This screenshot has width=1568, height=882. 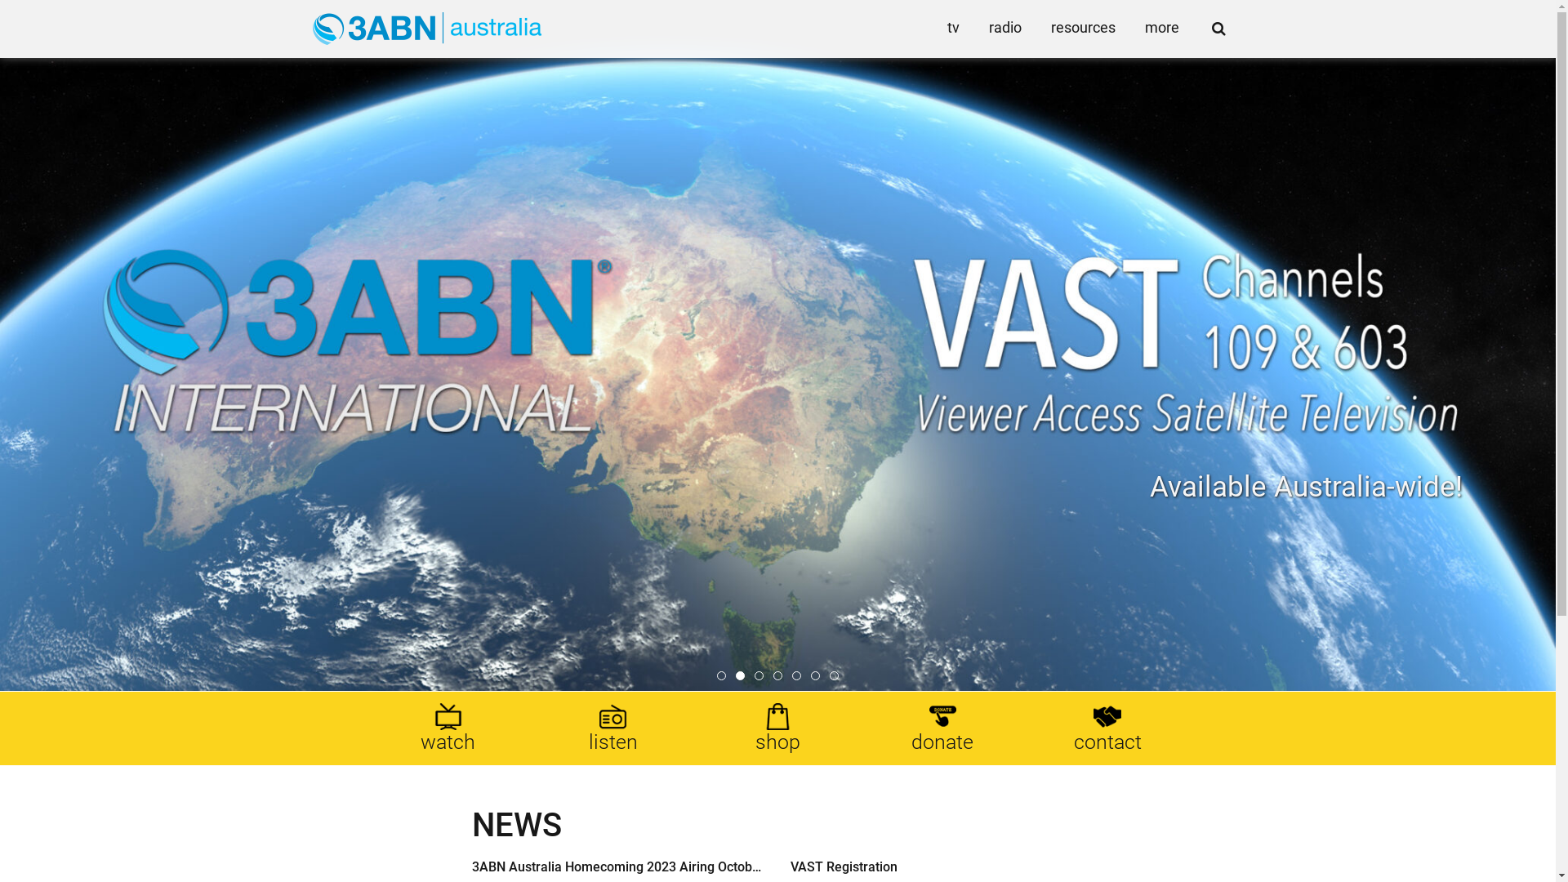 I want to click on 'shop', so click(x=777, y=727).